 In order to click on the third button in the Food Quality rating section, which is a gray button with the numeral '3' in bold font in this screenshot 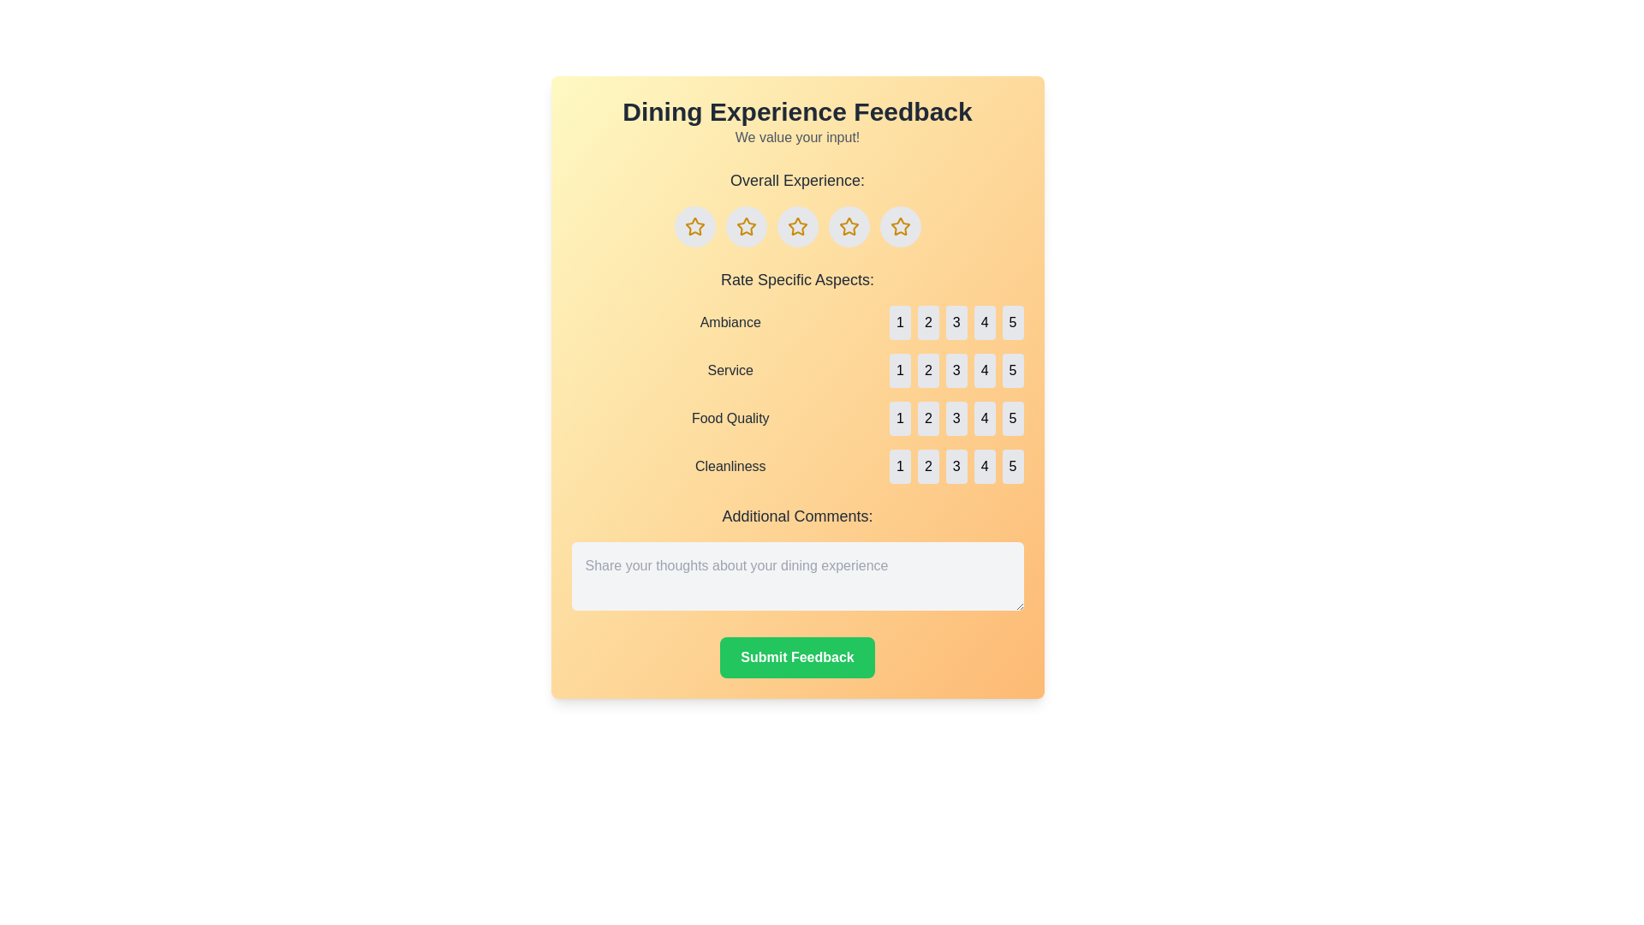, I will do `click(956, 419)`.